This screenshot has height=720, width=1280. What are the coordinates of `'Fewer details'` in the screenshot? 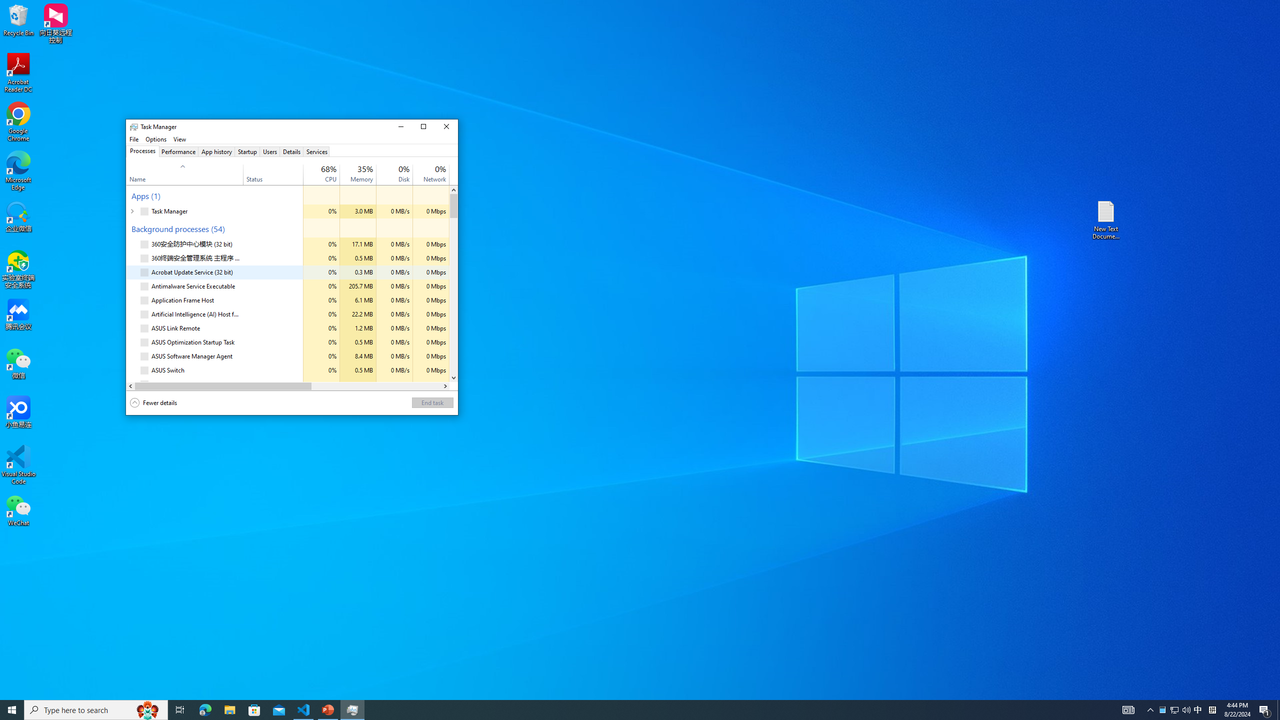 It's located at (153, 402).